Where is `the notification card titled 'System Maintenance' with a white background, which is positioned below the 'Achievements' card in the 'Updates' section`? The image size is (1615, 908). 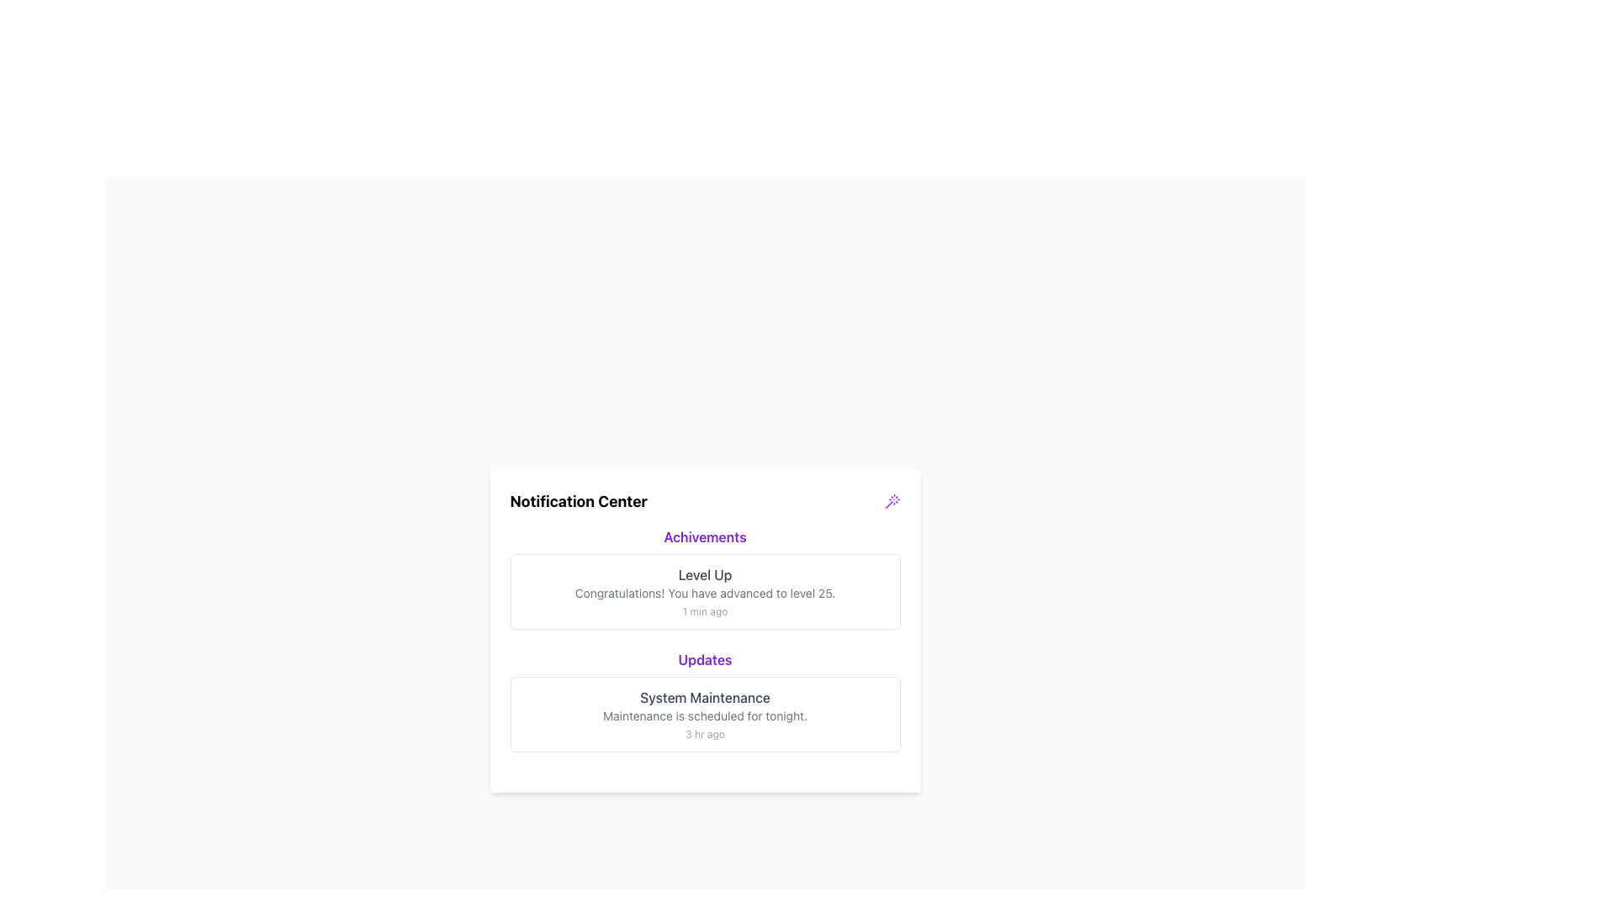
the notification card titled 'System Maintenance' with a white background, which is positioned below the 'Achievements' card in the 'Updates' section is located at coordinates (705, 714).